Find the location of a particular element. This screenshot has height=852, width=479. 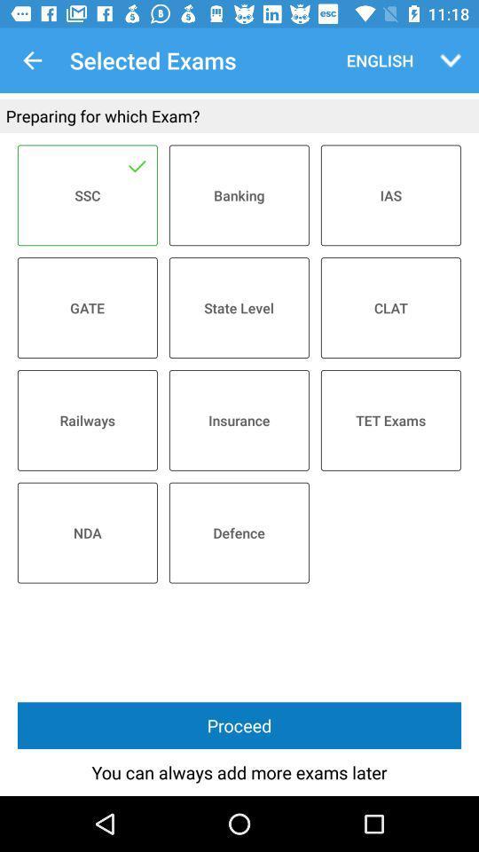

item above preparing for which icon is located at coordinates (451, 60).